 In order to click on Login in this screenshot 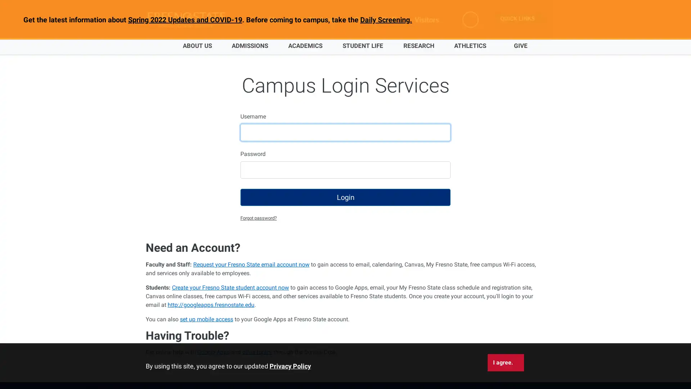, I will do `click(345, 197)`.